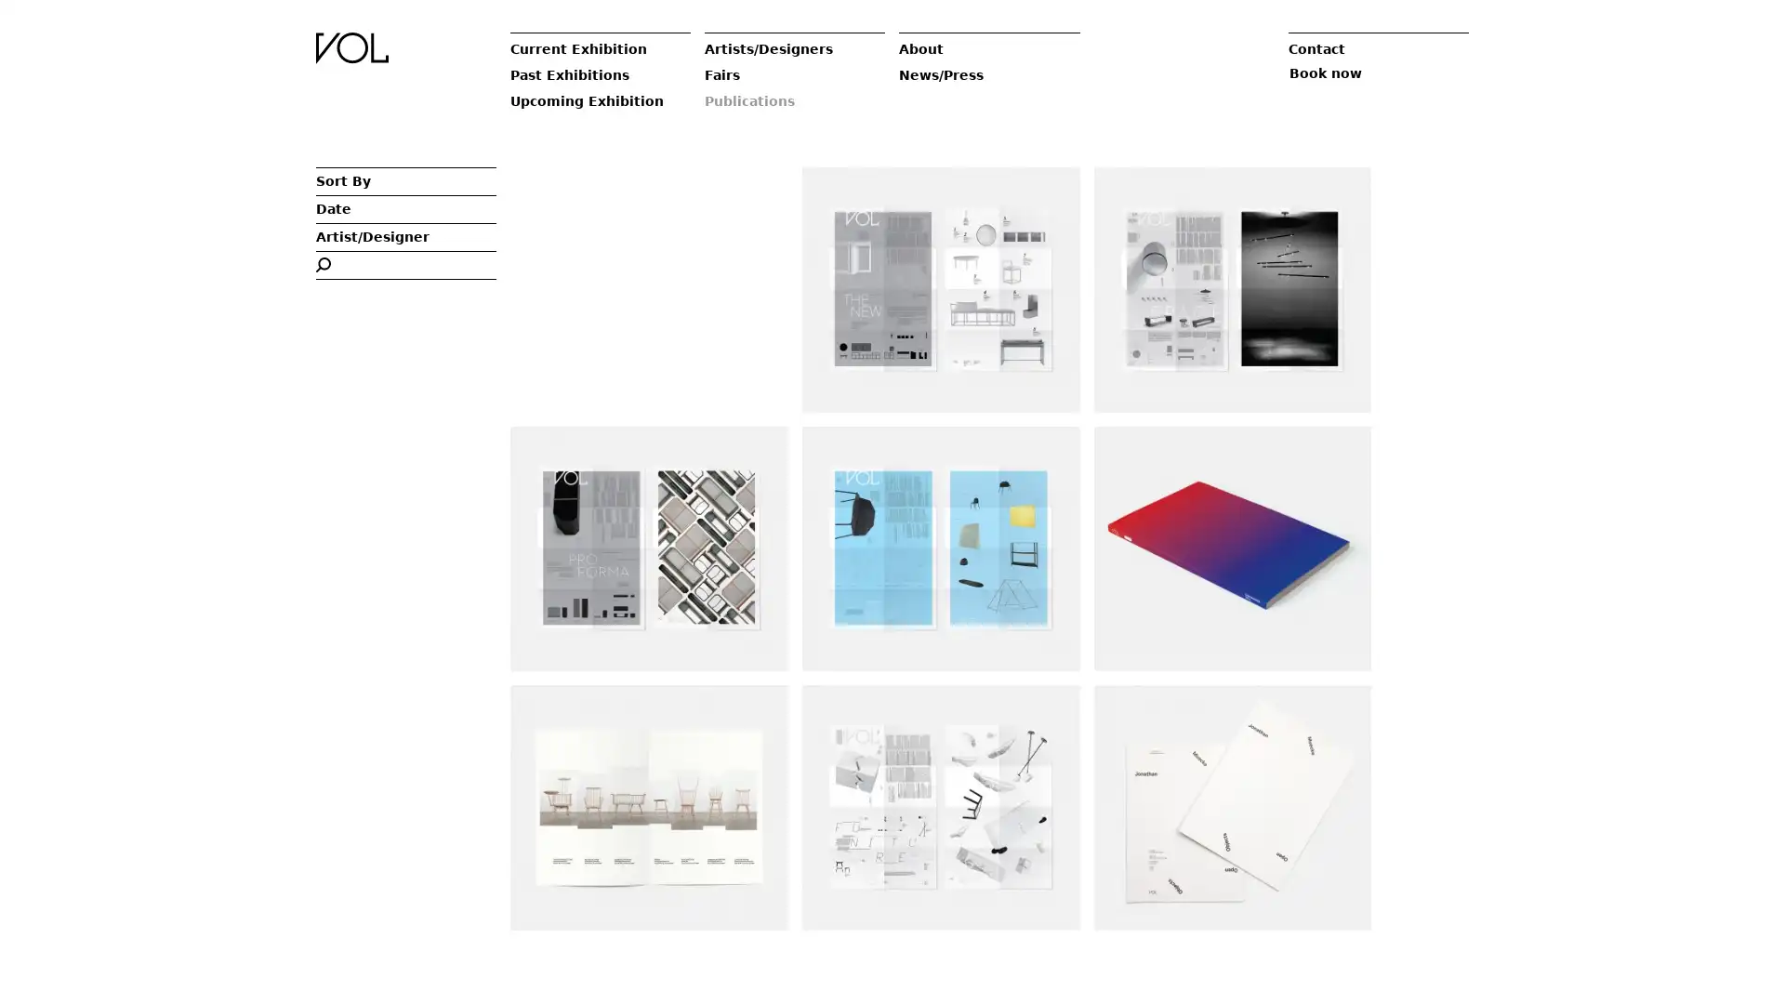 This screenshot has height=1004, width=1785. Describe the element at coordinates (1370, 86) in the screenshot. I see `Book now` at that location.